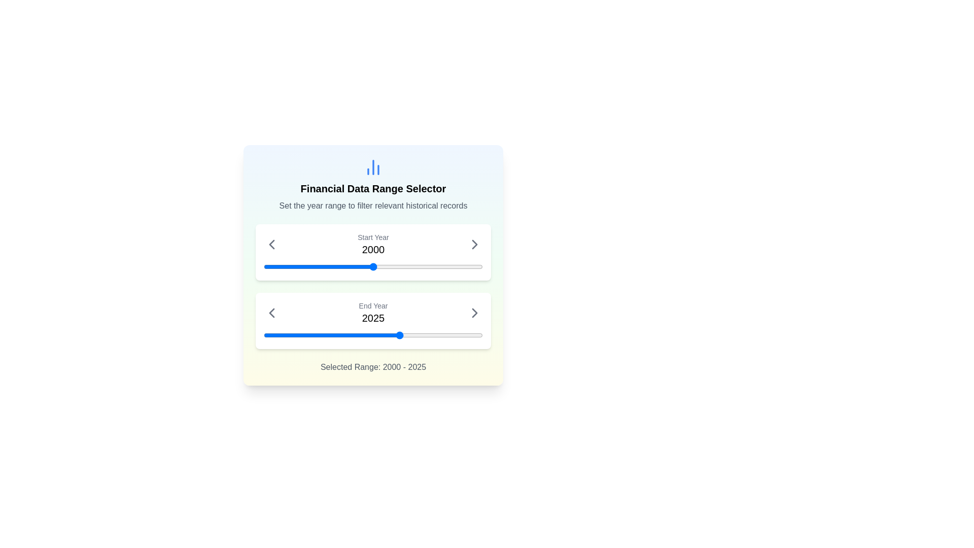 Image resolution: width=974 pixels, height=548 pixels. What do you see at coordinates (457, 266) in the screenshot?
I see `the start year of the range` at bounding box center [457, 266].